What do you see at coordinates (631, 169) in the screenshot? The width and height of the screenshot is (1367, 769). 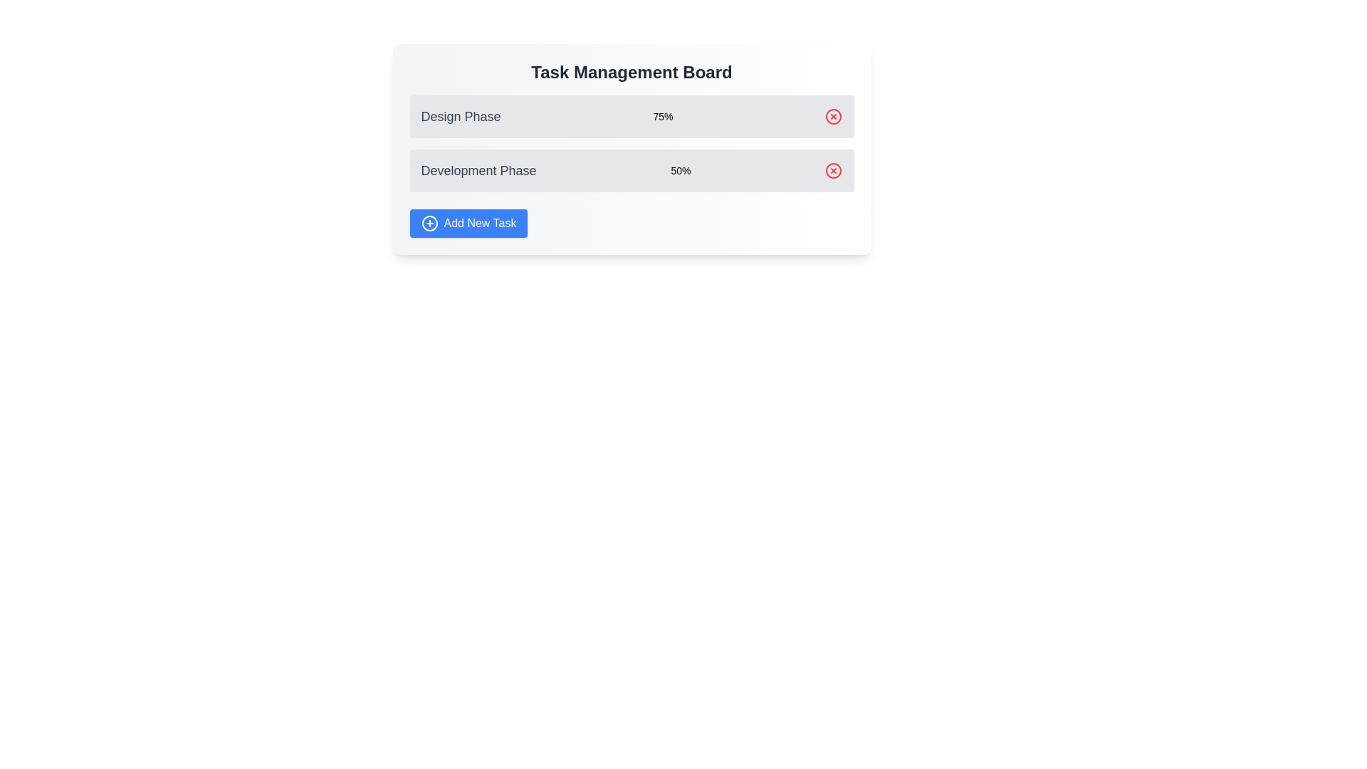 I see `the task name for the list item labeled 'Development Phase' which is the second item` at bounding box center [631, 169].